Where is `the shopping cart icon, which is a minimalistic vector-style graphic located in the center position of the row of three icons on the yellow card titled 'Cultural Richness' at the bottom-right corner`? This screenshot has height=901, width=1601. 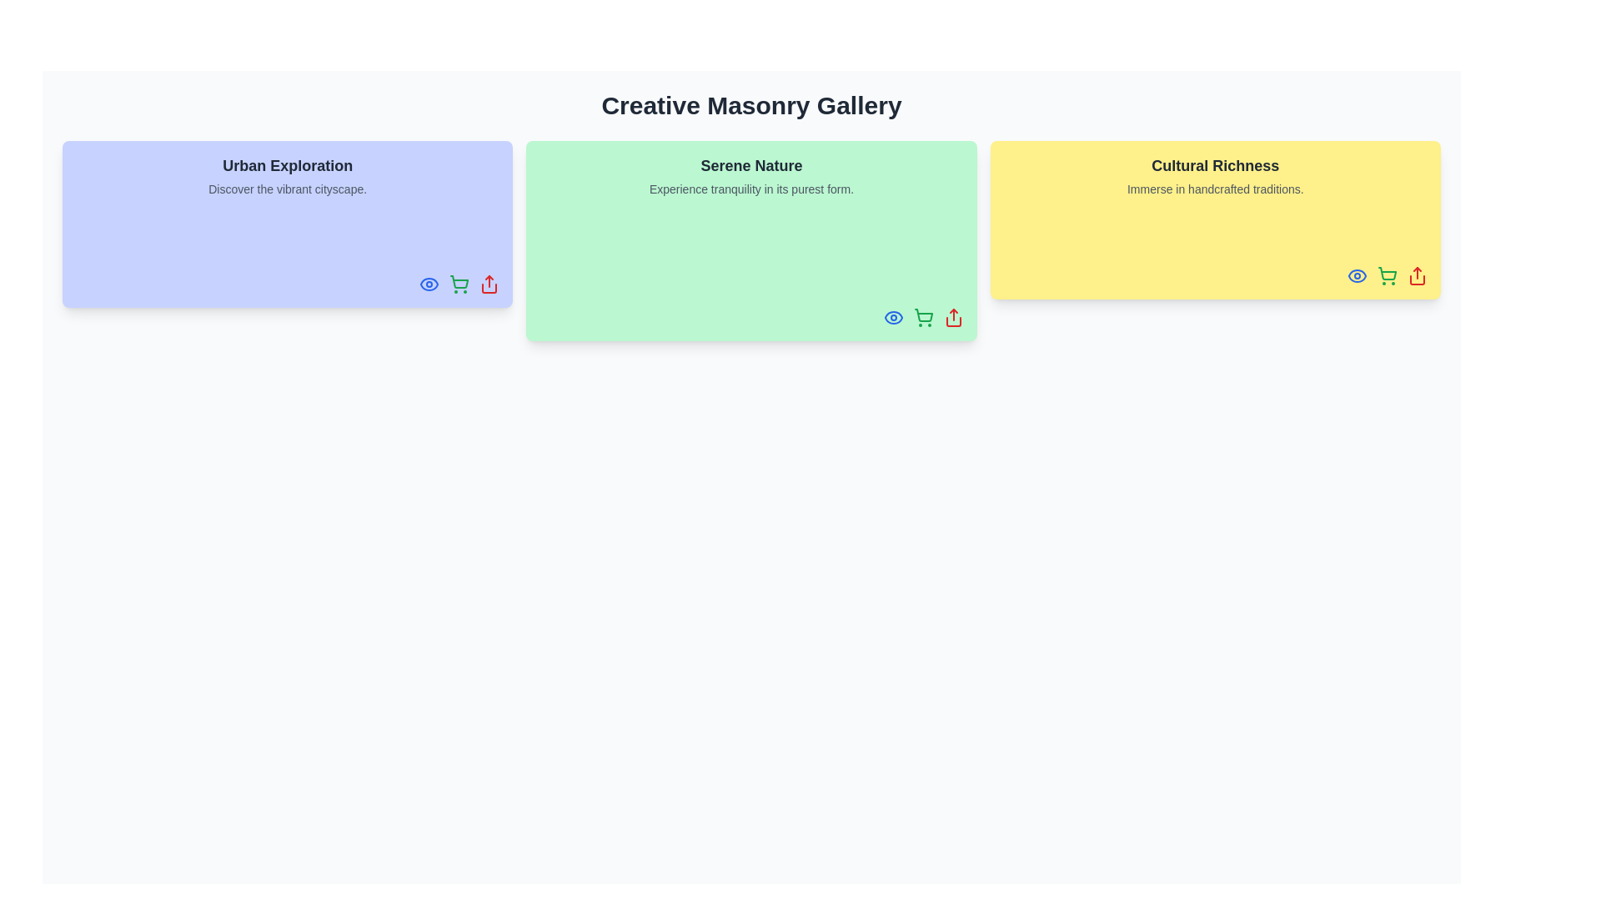
the shopping cart icon, which is a minimalistic vector-style graphic located in the center position of the row of three icons on the yellow card titled 'Cultural Richness' at the bottom-right corner is located at coordinates (1388, 273).